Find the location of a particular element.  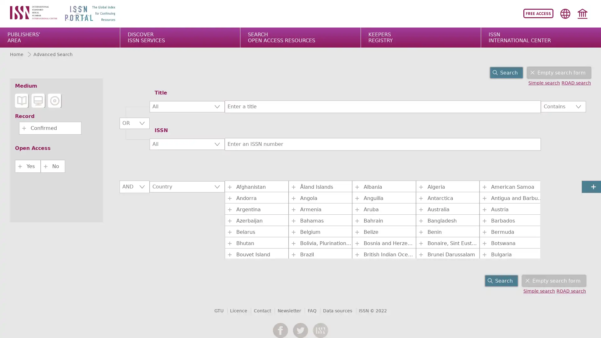

Search is located at coordinates (506, 72).